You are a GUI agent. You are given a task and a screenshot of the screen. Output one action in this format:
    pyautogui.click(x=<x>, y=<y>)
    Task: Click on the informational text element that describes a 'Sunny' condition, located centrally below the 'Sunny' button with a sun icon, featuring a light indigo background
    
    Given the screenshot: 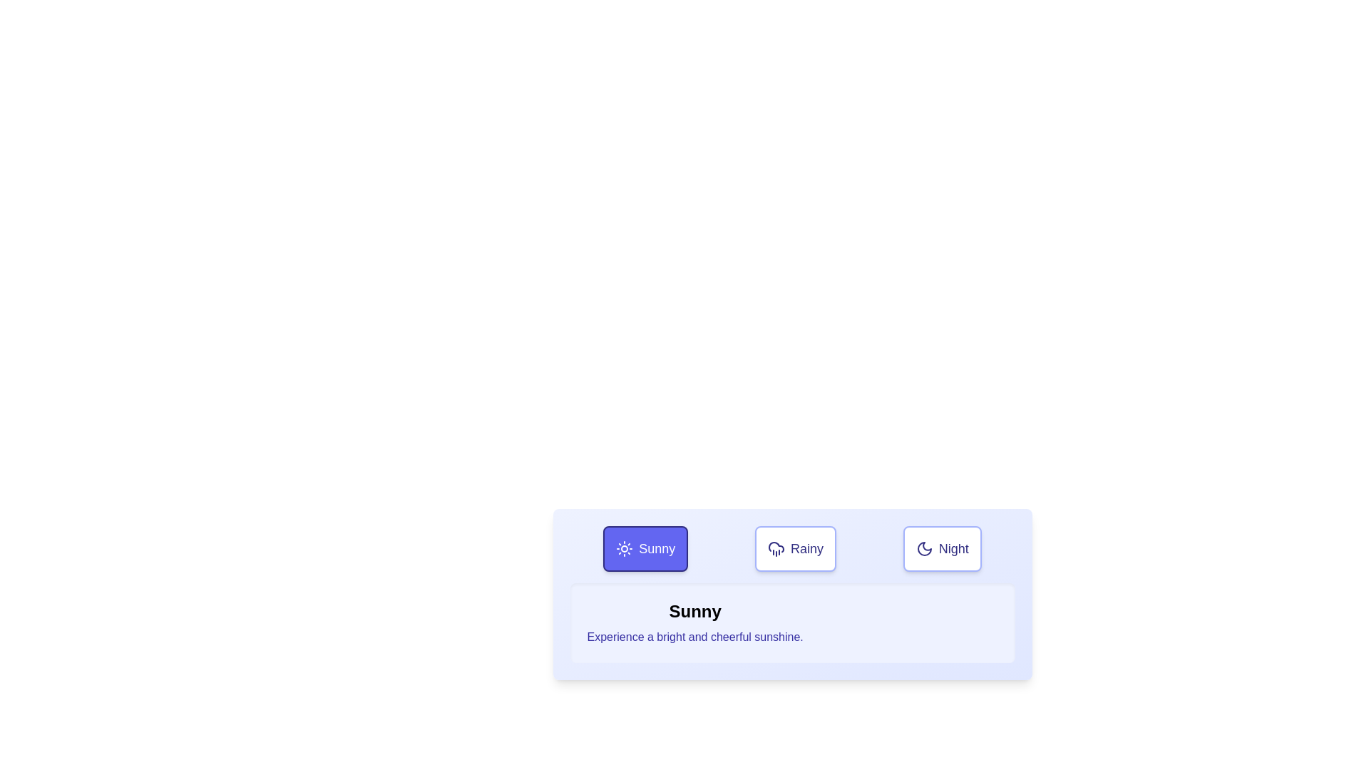 What is the action you would take?
    pyautogui.click(x=695, y=622)
    